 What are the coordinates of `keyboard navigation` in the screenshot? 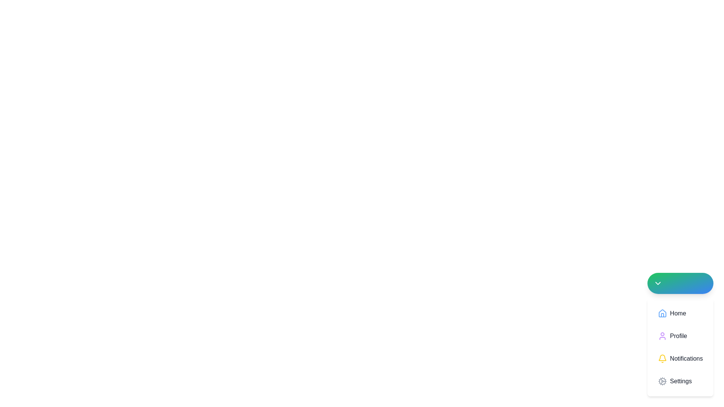 It's located at (680, 381).